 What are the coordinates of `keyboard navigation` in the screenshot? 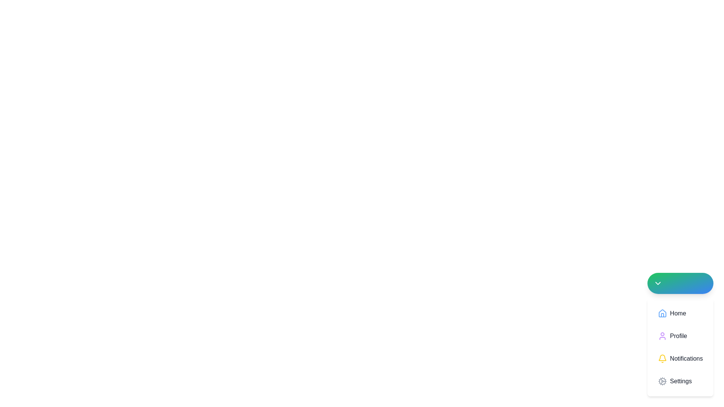 It's located at (680, 381).